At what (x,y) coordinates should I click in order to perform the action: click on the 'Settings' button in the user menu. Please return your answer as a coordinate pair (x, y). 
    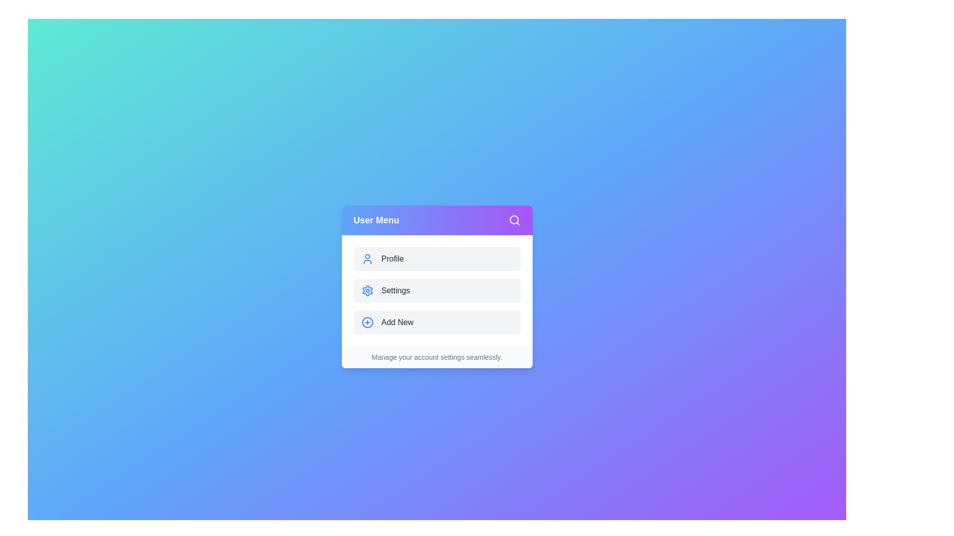
    Looking at the image, I should click on (437, 290).